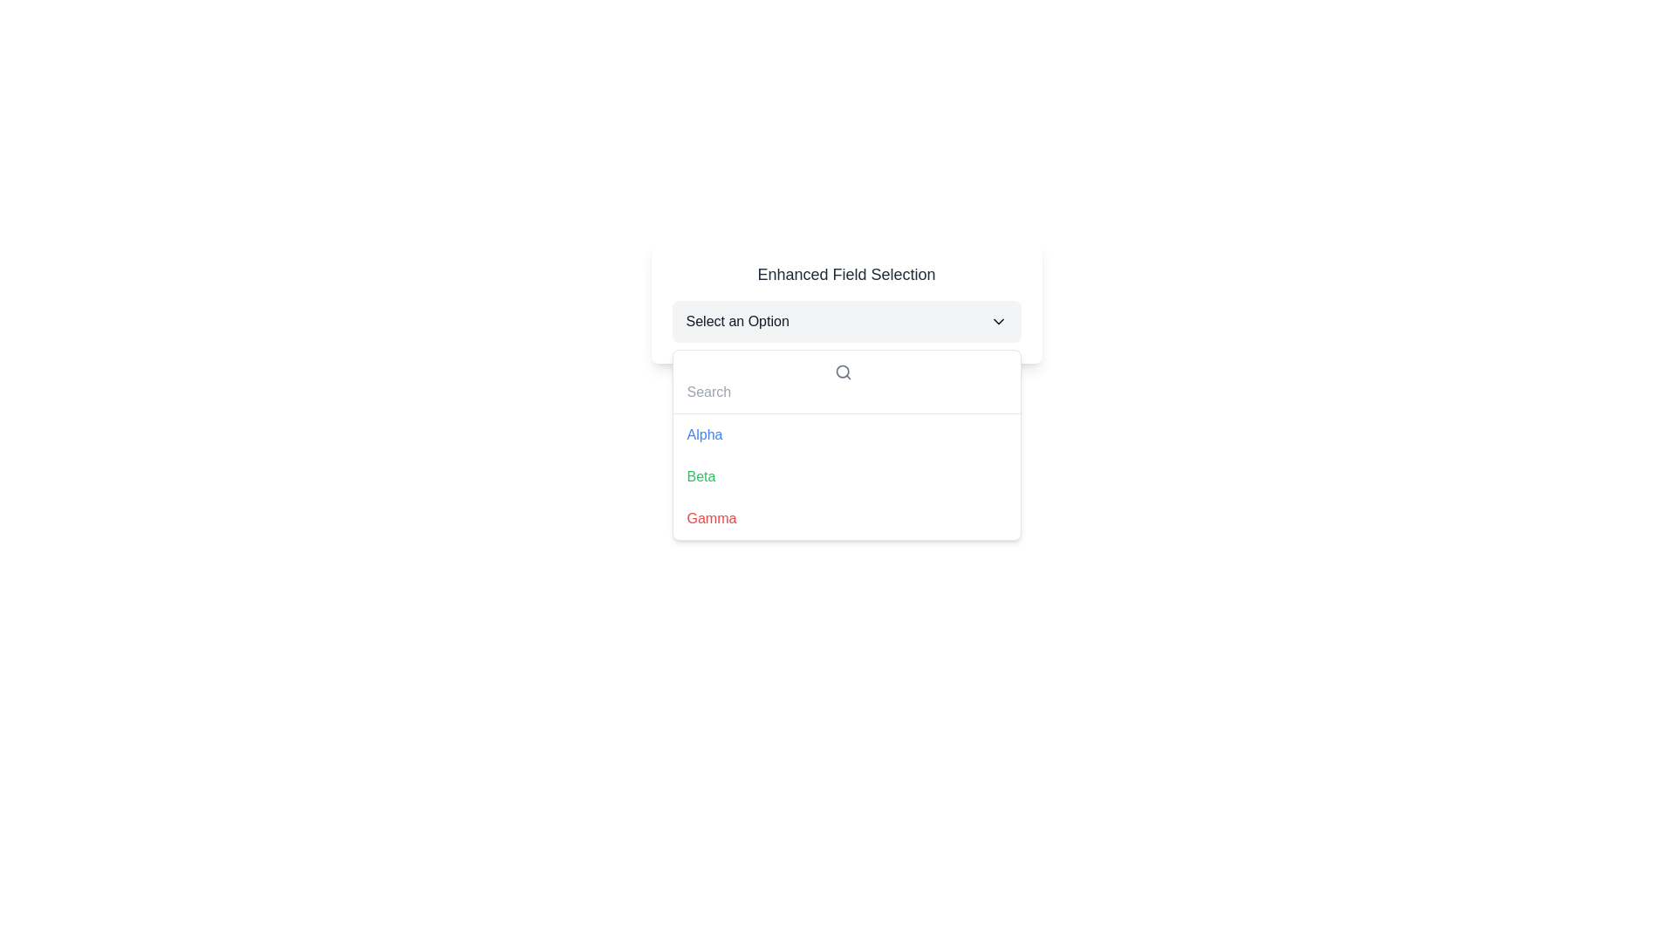  I want to click on the second menu list item labeled 'Beta' styled in green, located below the search input box, so click(846, 477).